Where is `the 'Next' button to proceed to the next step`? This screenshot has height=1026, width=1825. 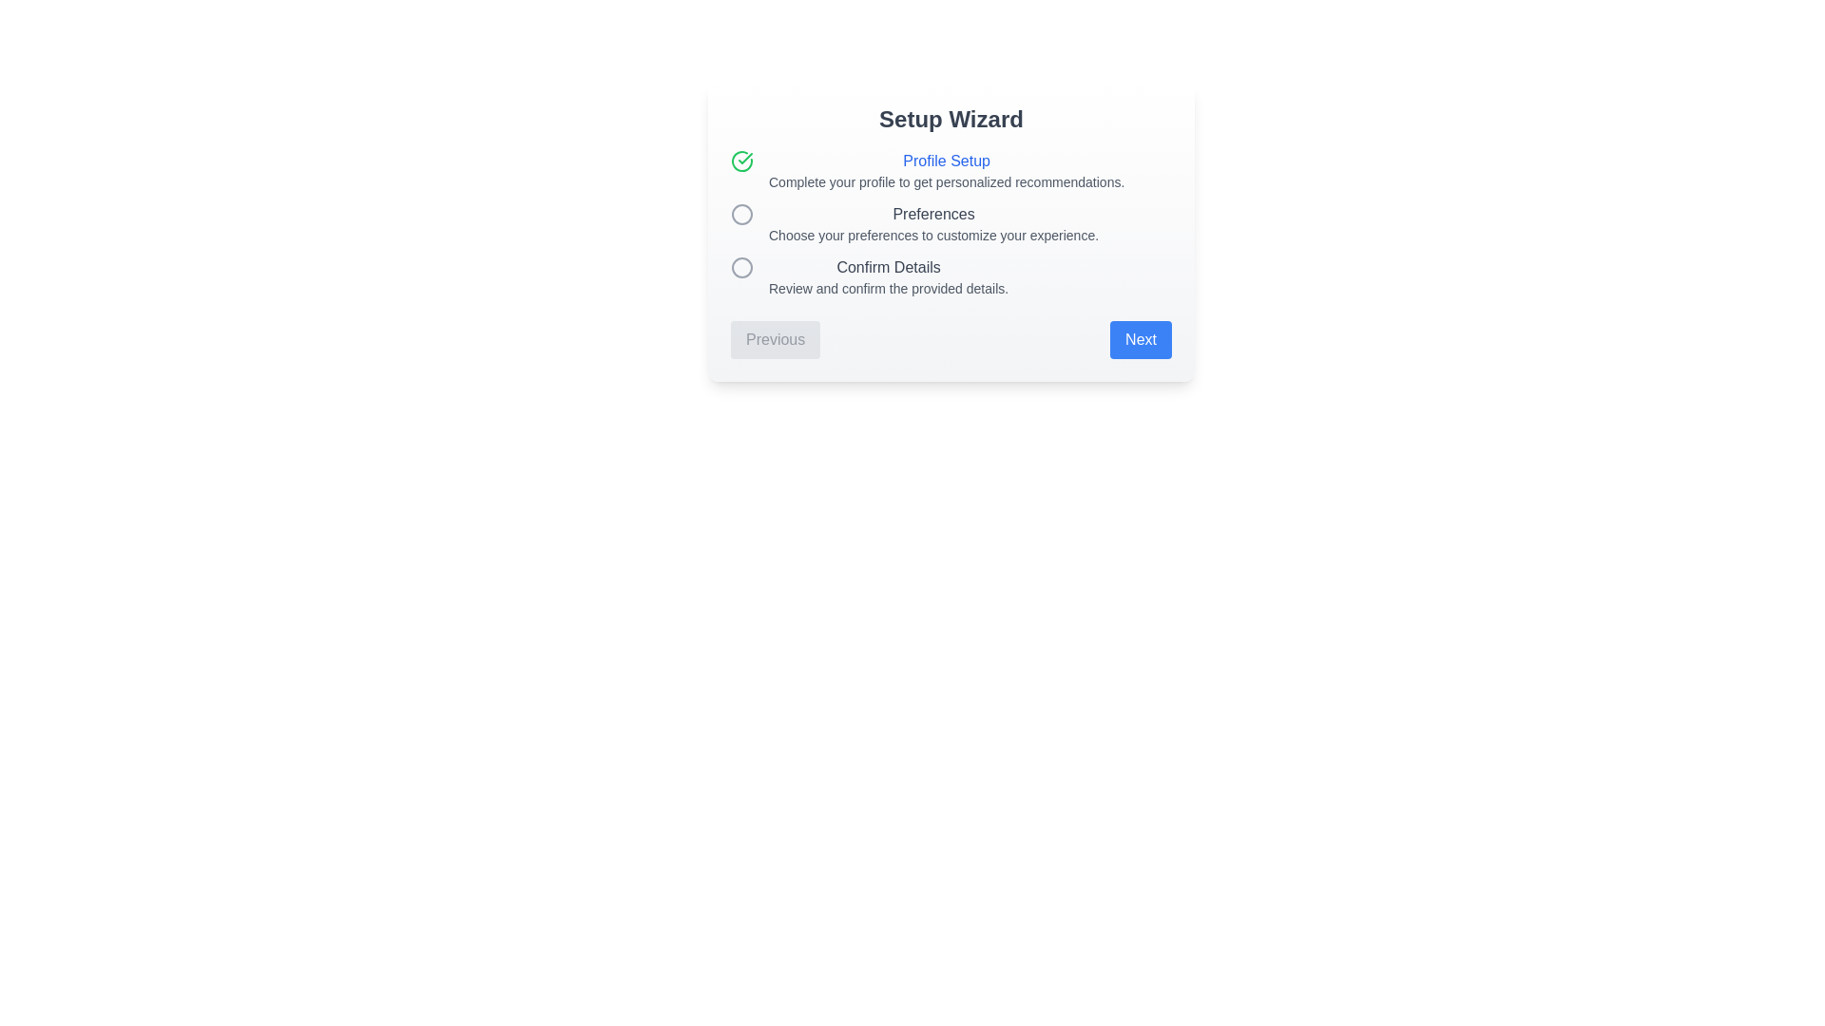
the 'Next' button to proceed to the next step is located at coordinates (1141, 339).